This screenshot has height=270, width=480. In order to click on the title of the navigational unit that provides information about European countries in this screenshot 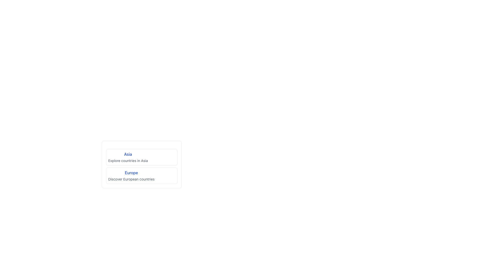, I will do `click(131, 175)`.